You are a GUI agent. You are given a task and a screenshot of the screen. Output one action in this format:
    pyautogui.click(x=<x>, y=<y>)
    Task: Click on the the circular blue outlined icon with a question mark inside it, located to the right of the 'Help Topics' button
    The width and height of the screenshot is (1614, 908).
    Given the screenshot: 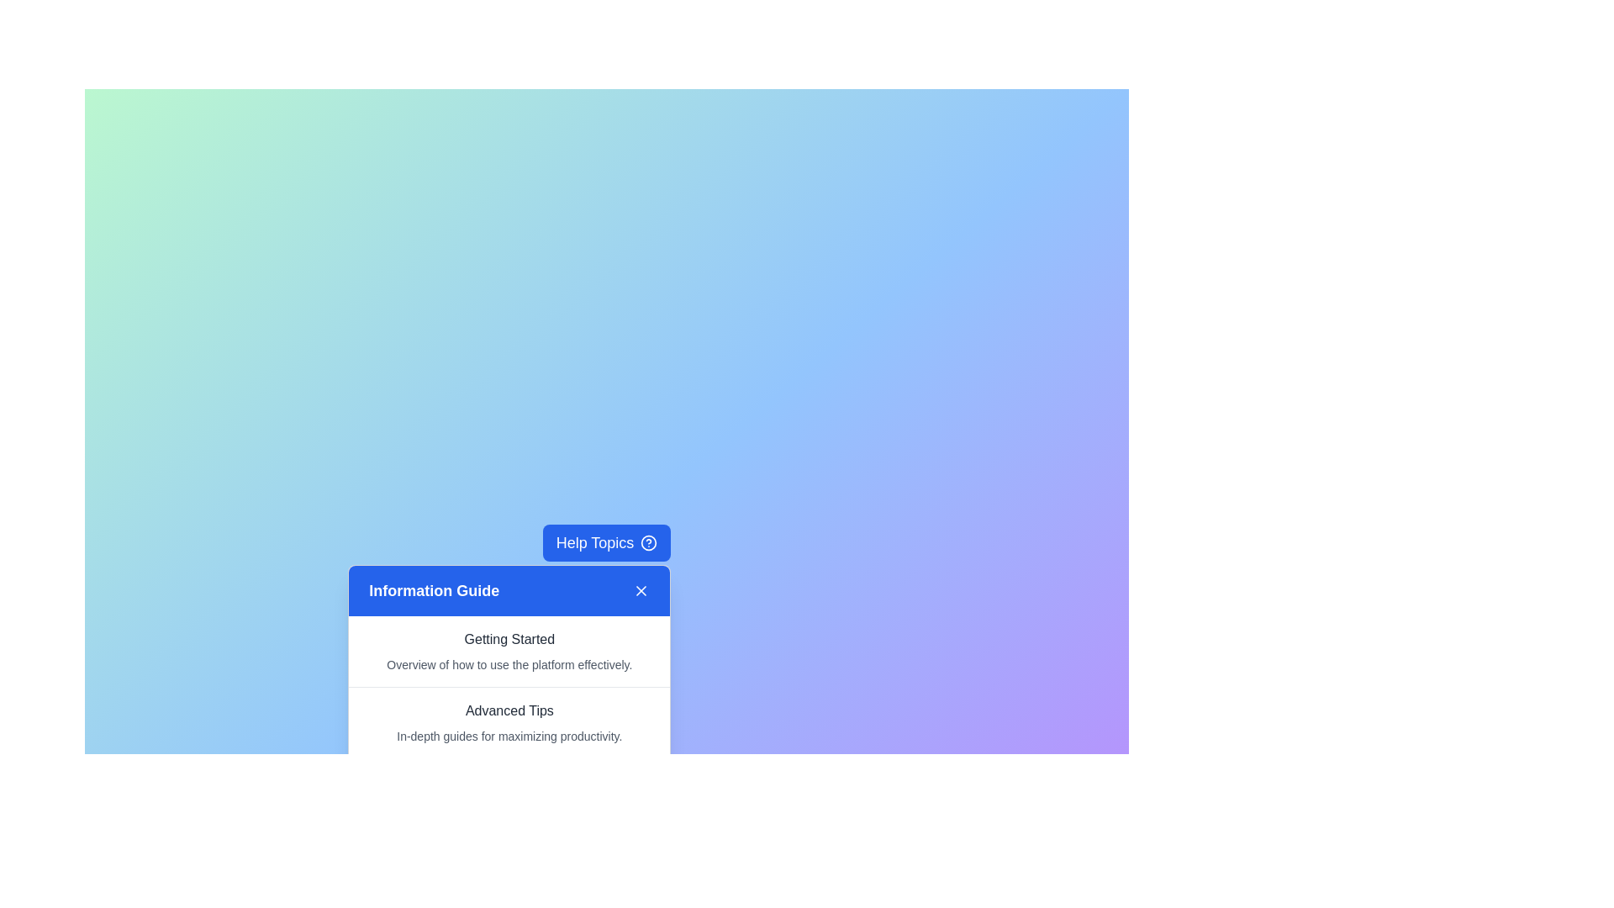 What is the action you would take?
    pyautogui.click(x=648, y=542)
    